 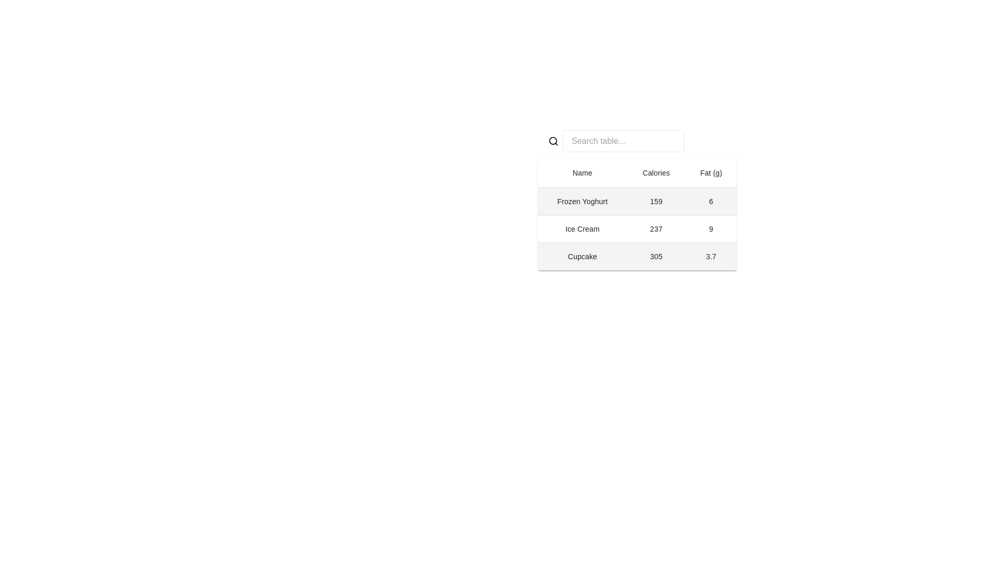 What do you see at coordinates (582, 229) in the screenshot?
I see `the table cell displaying 'Ice Cream'` at bounding box center [582, 229].